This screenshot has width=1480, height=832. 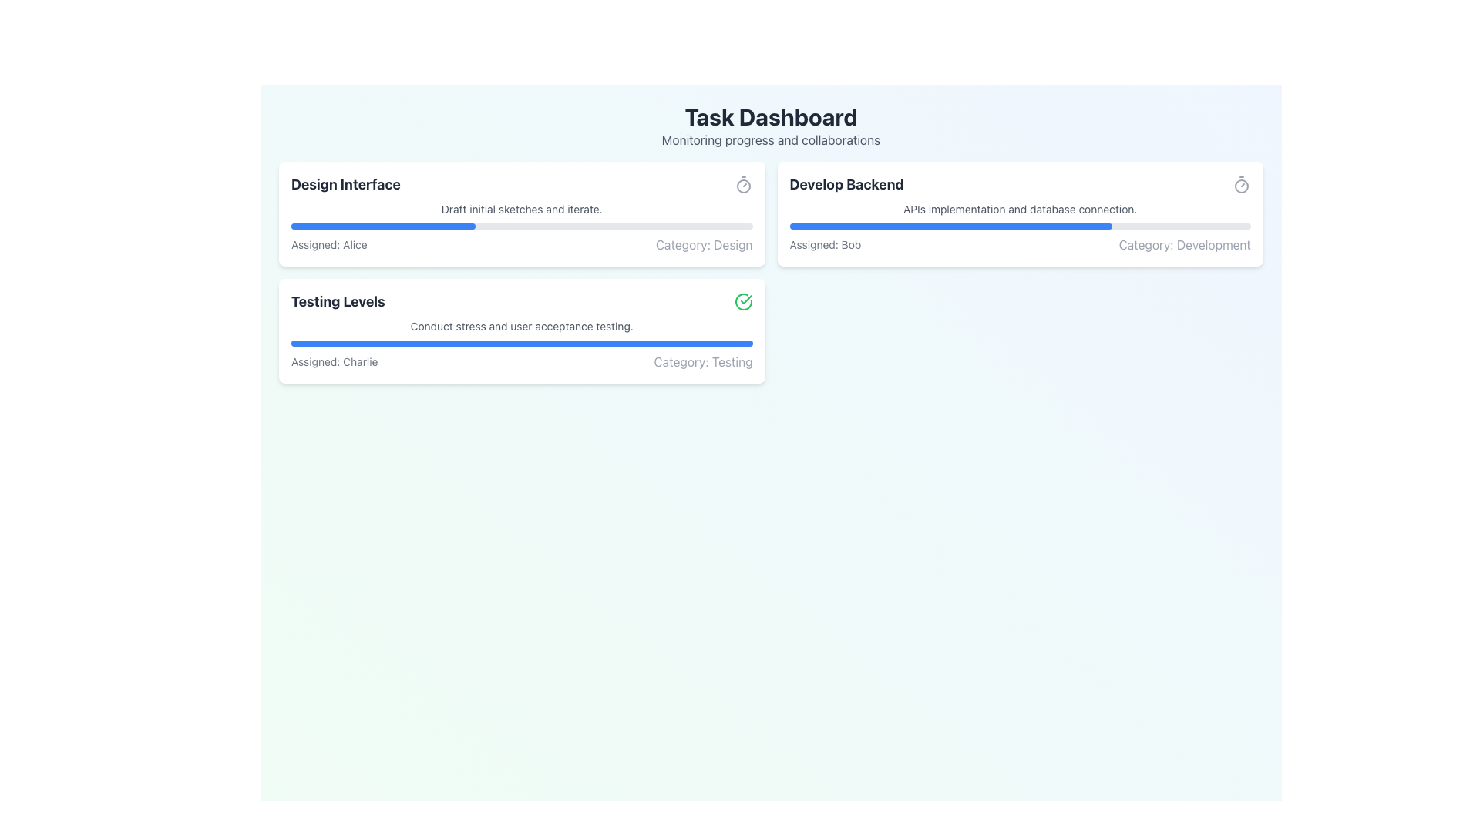 I want to click on the Text Label element displaying 'Category: Testing' located in the bottom-right section of the 'Testing Levels' task card on the dashboard, so click(x=702, y=362).